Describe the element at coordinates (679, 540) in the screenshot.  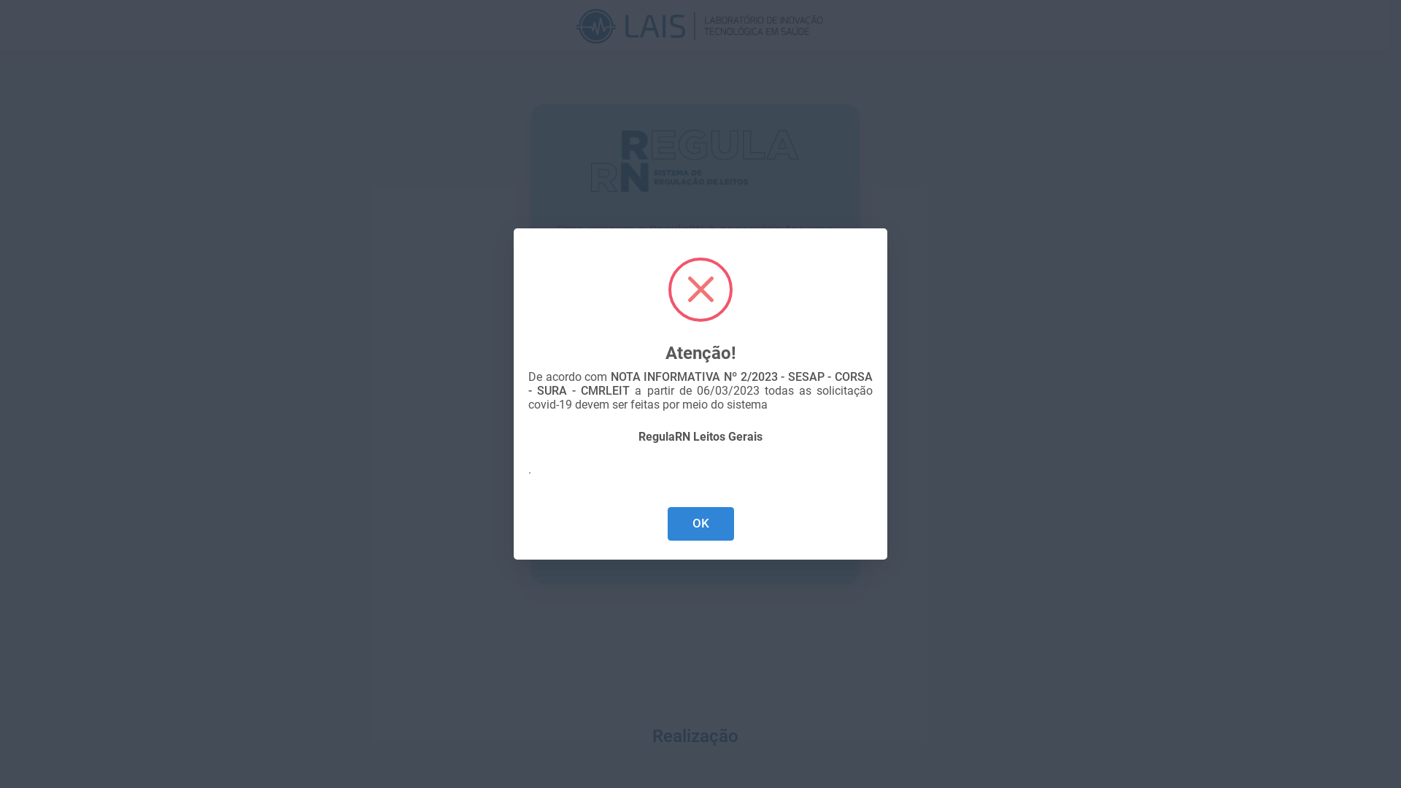
I see `'Cadastro Integrante NIR'` at that location.